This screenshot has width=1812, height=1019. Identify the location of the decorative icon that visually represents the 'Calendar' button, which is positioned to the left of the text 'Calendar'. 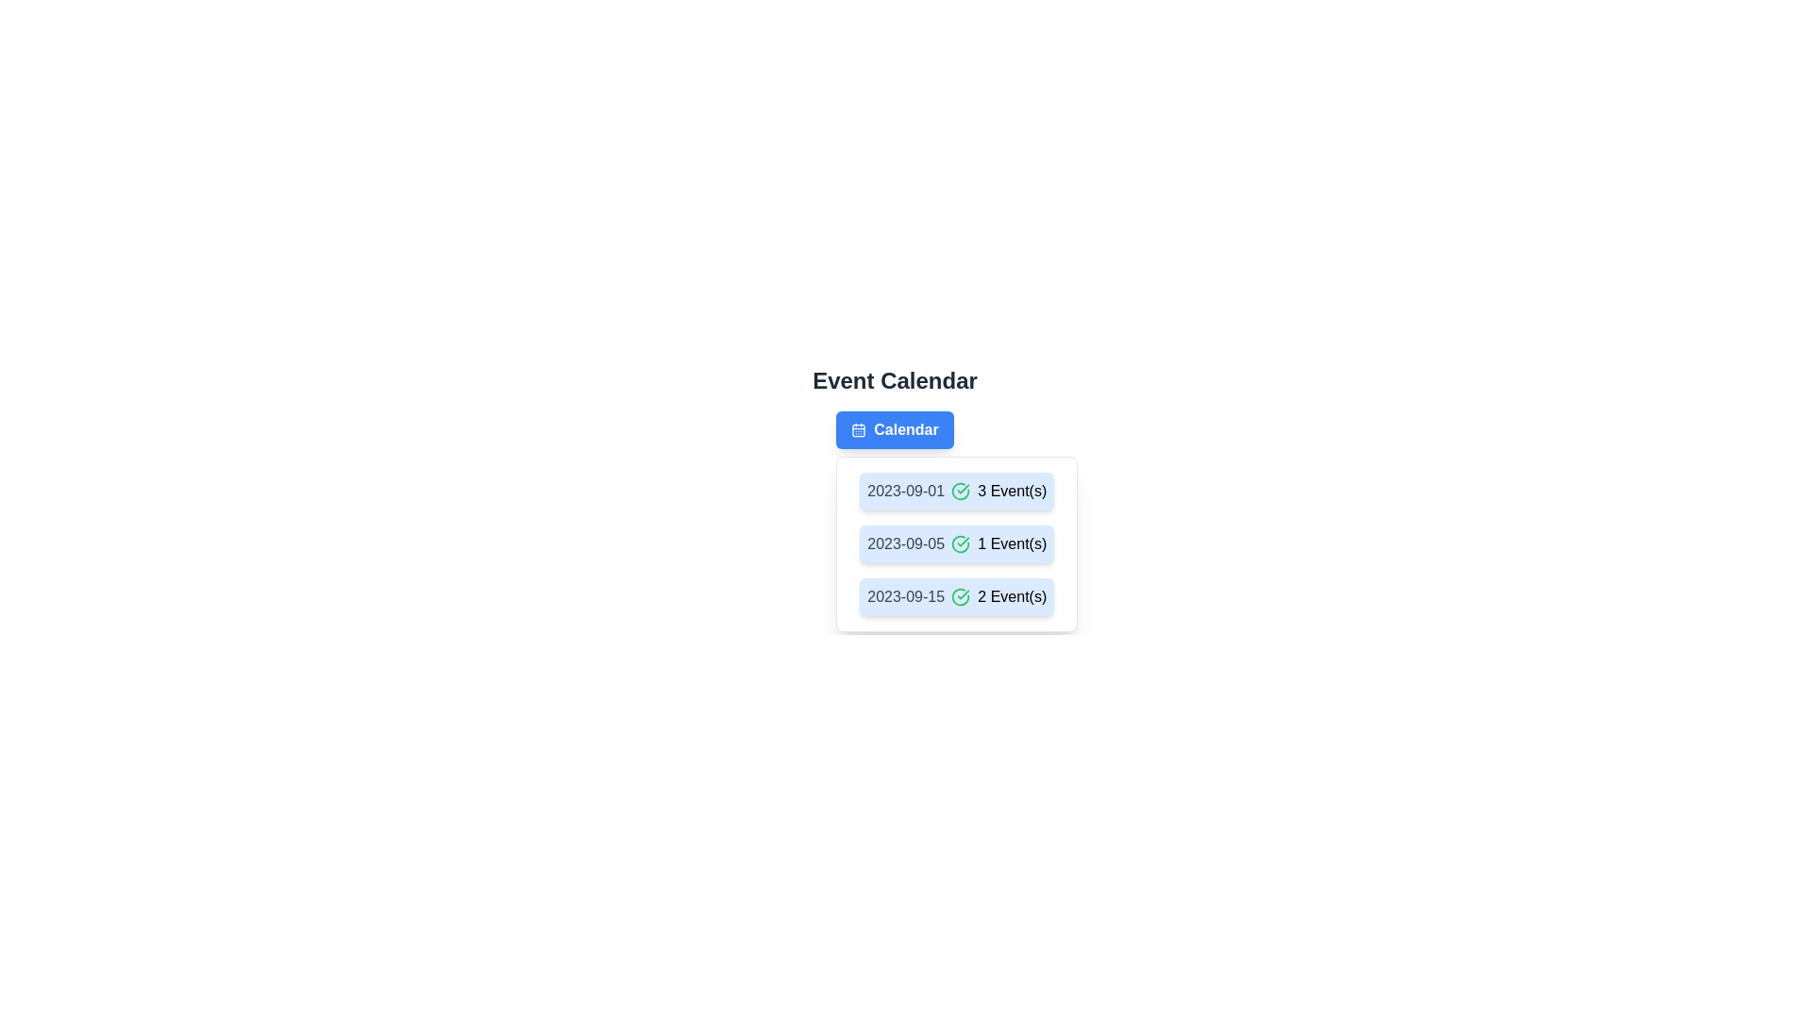
(858, 429).